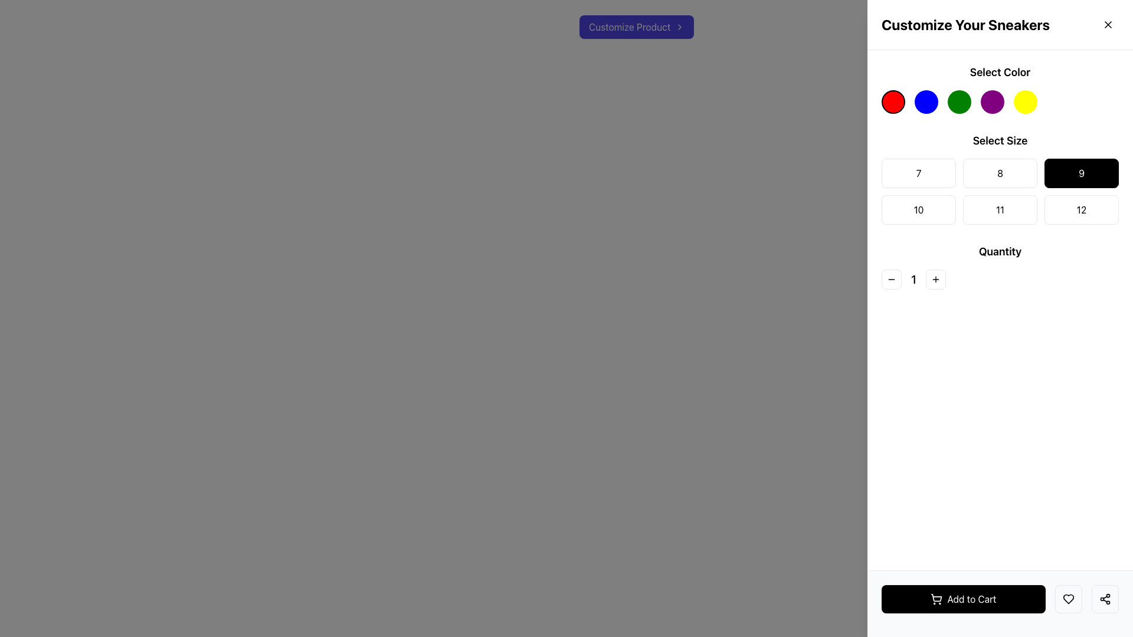 This screenshot has height=637, width=1133. I want to click on the bold, black numeral '1' in the 'Quantity' section, which is centrally positioned between the minus and plus buttons, so click(913, 280).